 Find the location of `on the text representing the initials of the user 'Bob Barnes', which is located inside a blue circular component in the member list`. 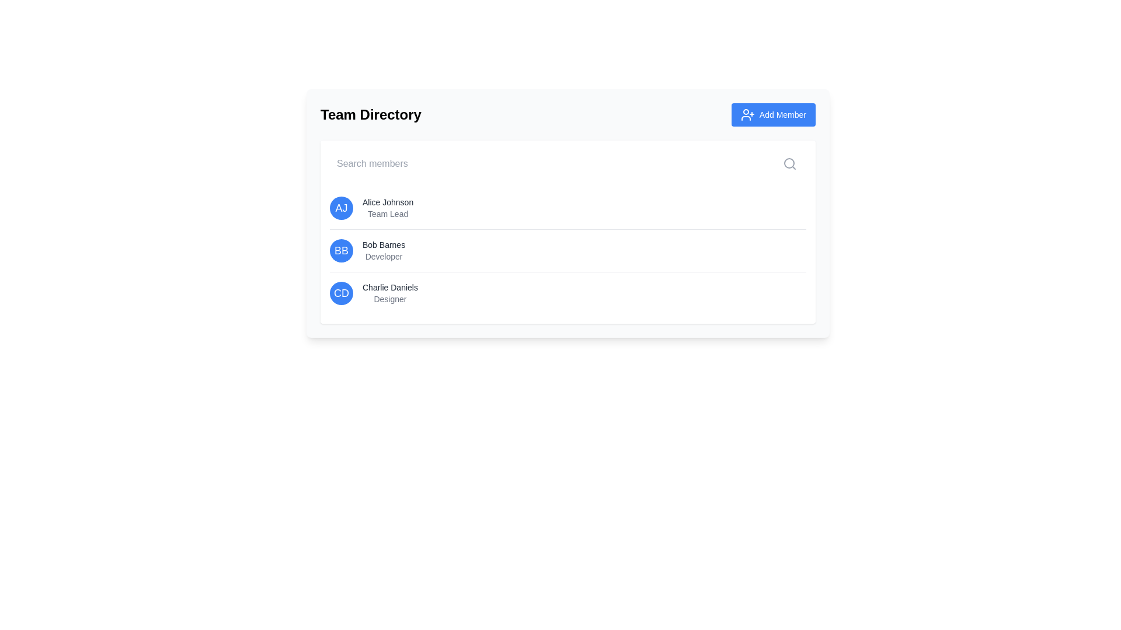

on the text representing the initials of the user 'Bob Barnes', which is located inside a blue circular component in the member list is located at coordinates (341, 250).